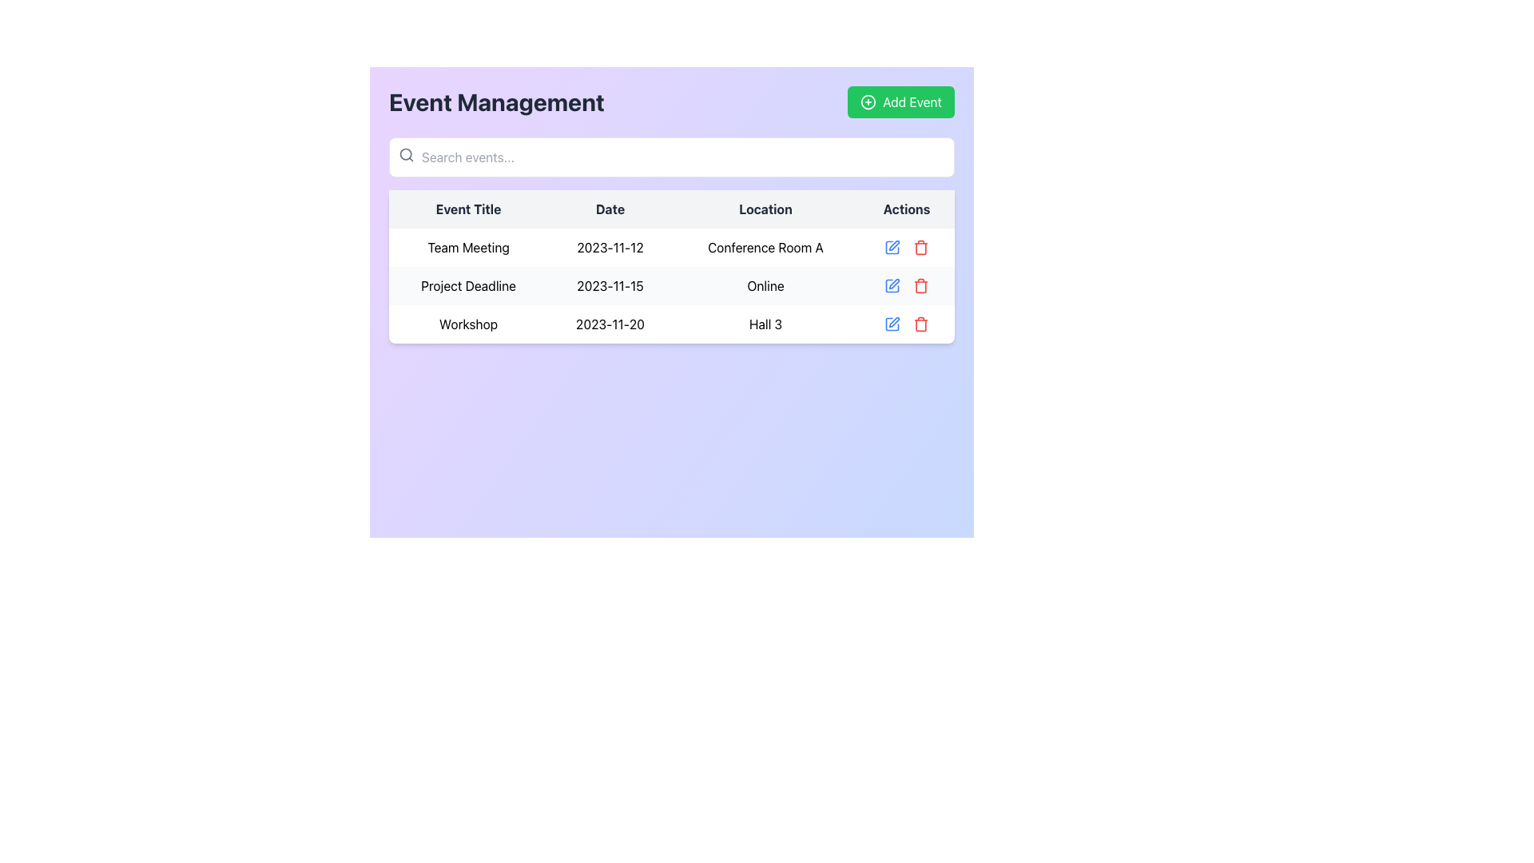 This screenshot has height=863, width=1534. Describe the element at coordinates (406, 154) in the screenshot. I see `the search icon located at the left side of the input area within the search bar to enhance user recognition of the field's purpose` at that location.